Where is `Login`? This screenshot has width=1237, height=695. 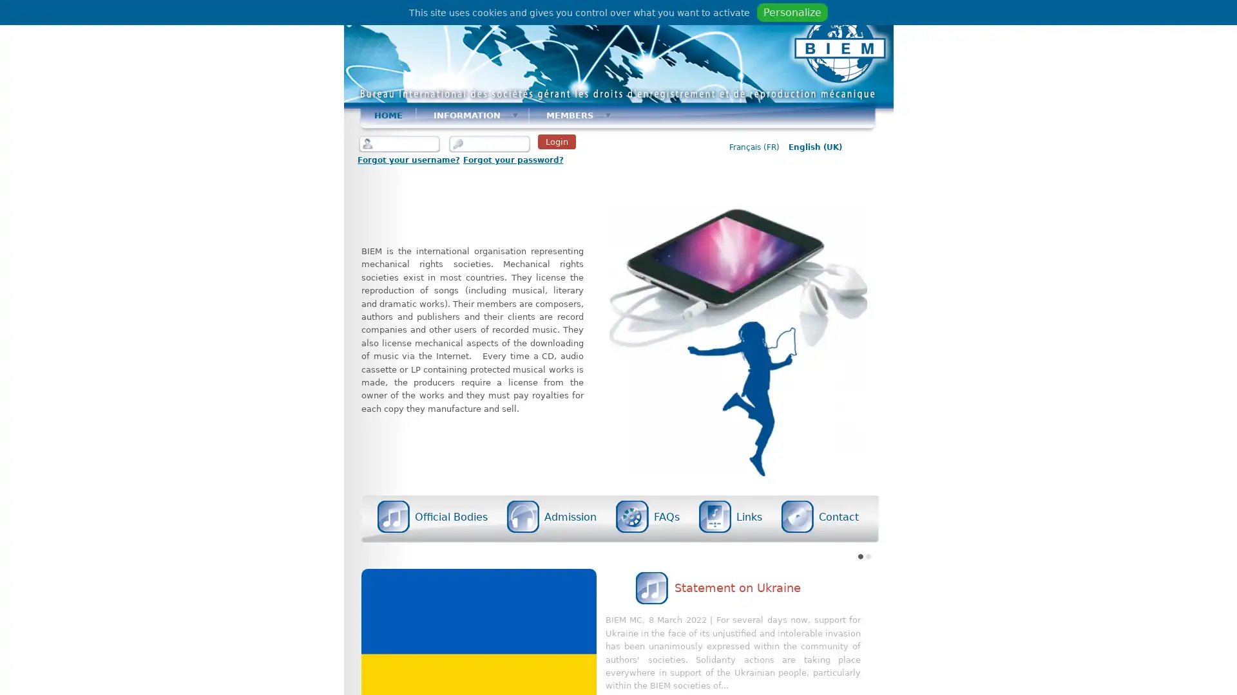 Login is located at coordinates (556, 142).